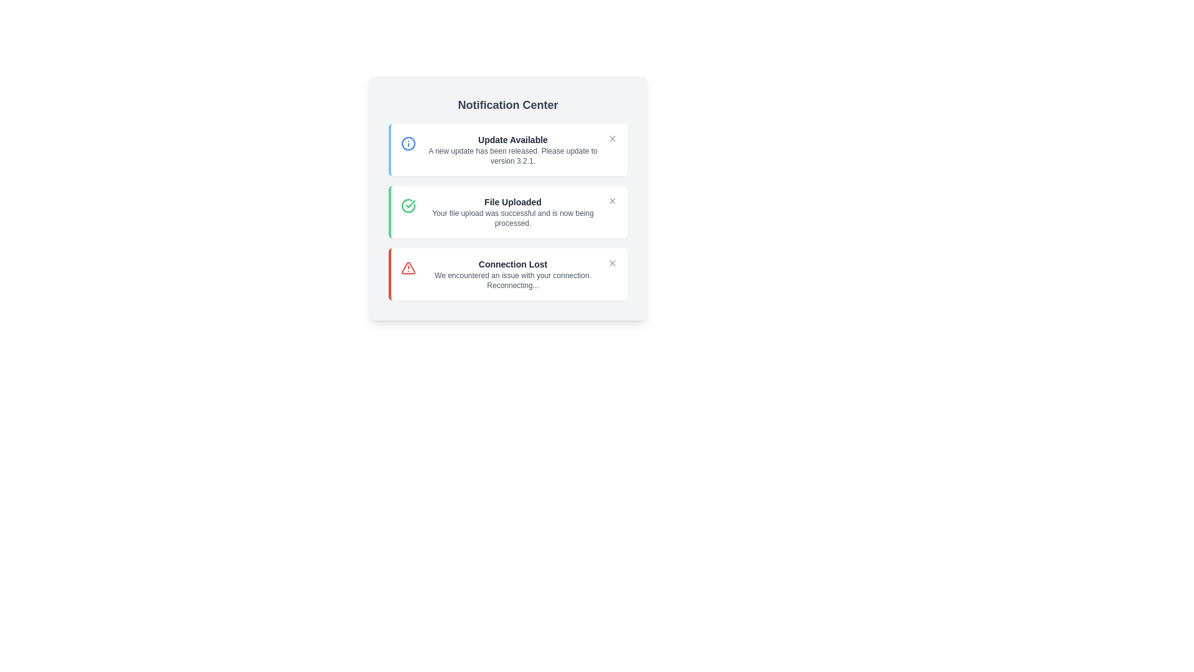 The width and height of the screenshot is (1194, 672). What do you see at coordinates (507, 211) in the screenshot?
I see `notification text displayed in the Notification panel located in the Notification Center, which is aligned vertically in the middle of the white background panel` at bounding box center [507, 211].